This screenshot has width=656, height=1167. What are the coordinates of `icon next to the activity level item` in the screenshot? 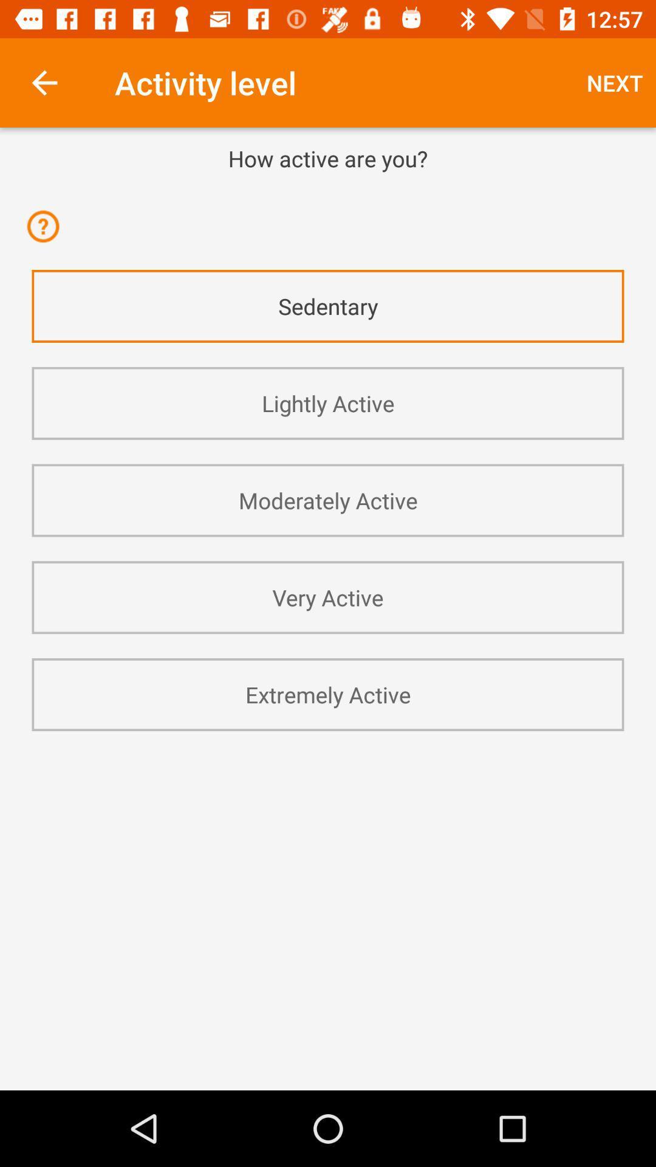 It's located at (44, 82).